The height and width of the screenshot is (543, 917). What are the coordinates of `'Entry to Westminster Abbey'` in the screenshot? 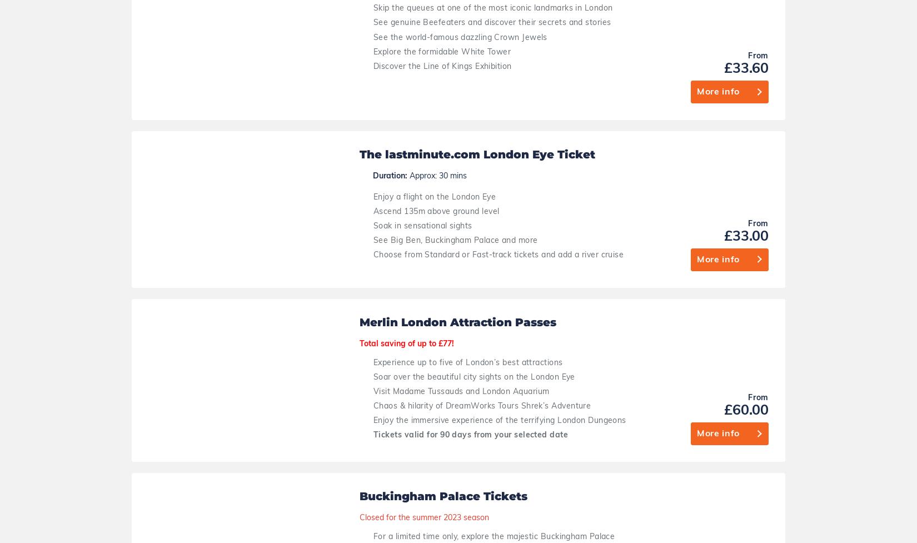 It's located at (392, 358).